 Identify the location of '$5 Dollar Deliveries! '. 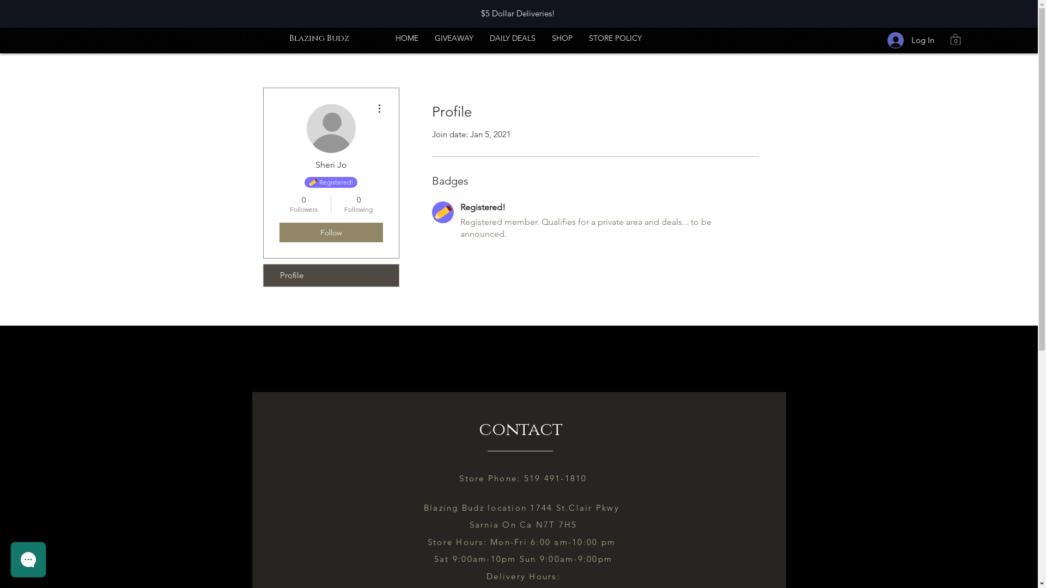
(519, 13).